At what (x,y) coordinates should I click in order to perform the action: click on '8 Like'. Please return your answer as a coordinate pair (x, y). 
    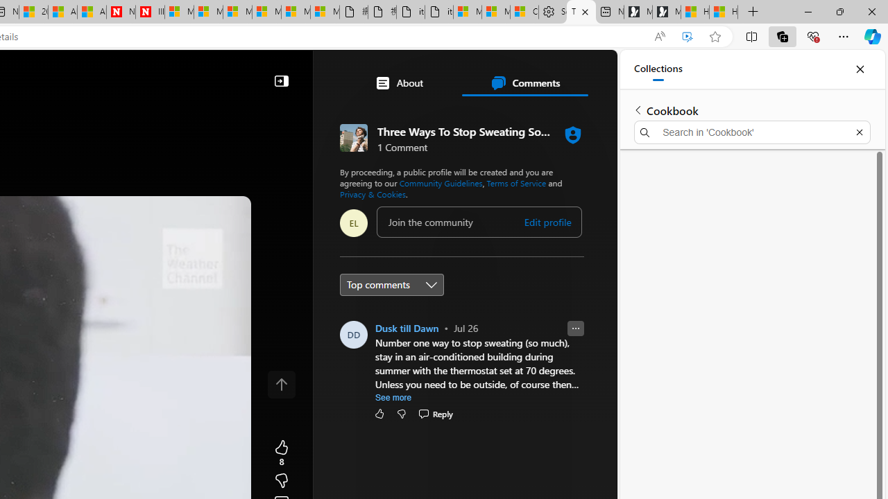
    Looking at the image, I should click on (281, 453).